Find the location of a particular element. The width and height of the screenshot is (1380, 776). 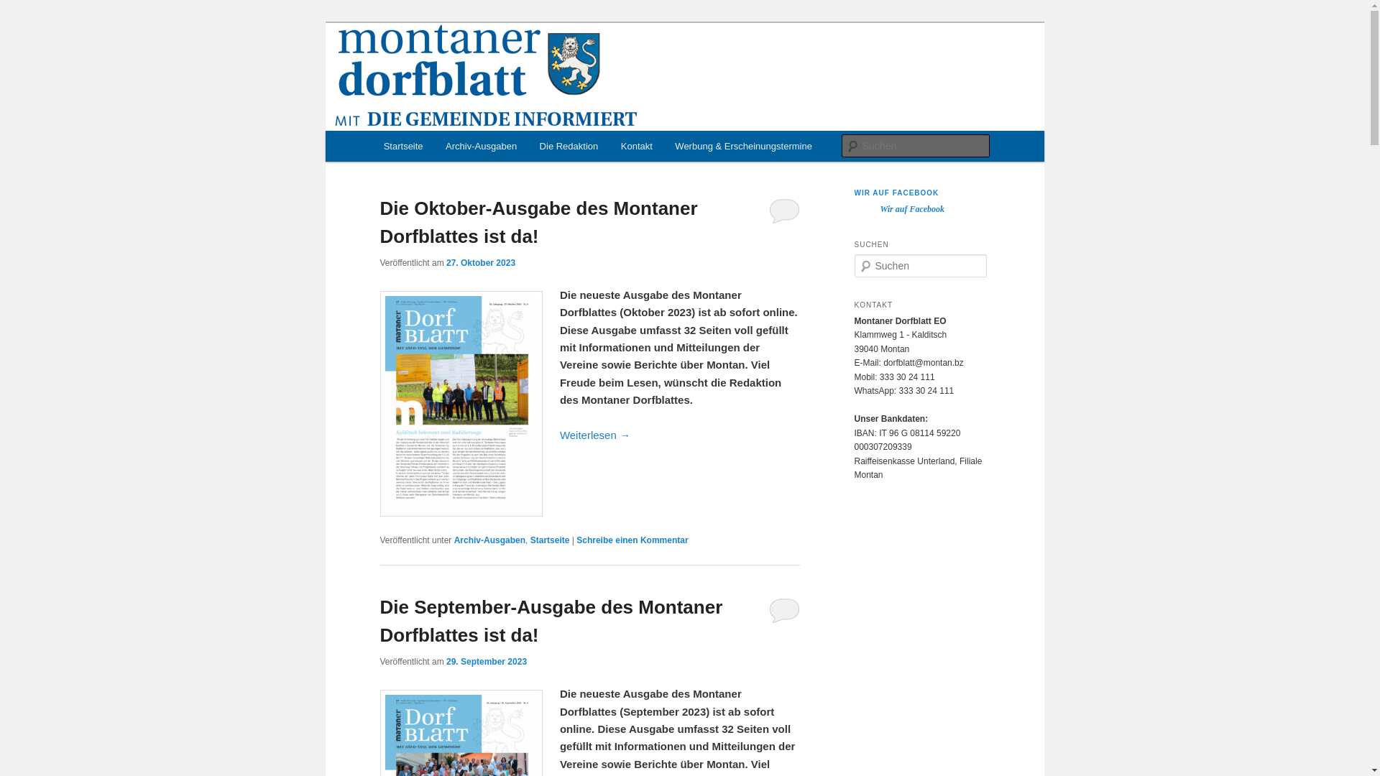

'Wir auf Facebook' is located at coordinates (911, 208).